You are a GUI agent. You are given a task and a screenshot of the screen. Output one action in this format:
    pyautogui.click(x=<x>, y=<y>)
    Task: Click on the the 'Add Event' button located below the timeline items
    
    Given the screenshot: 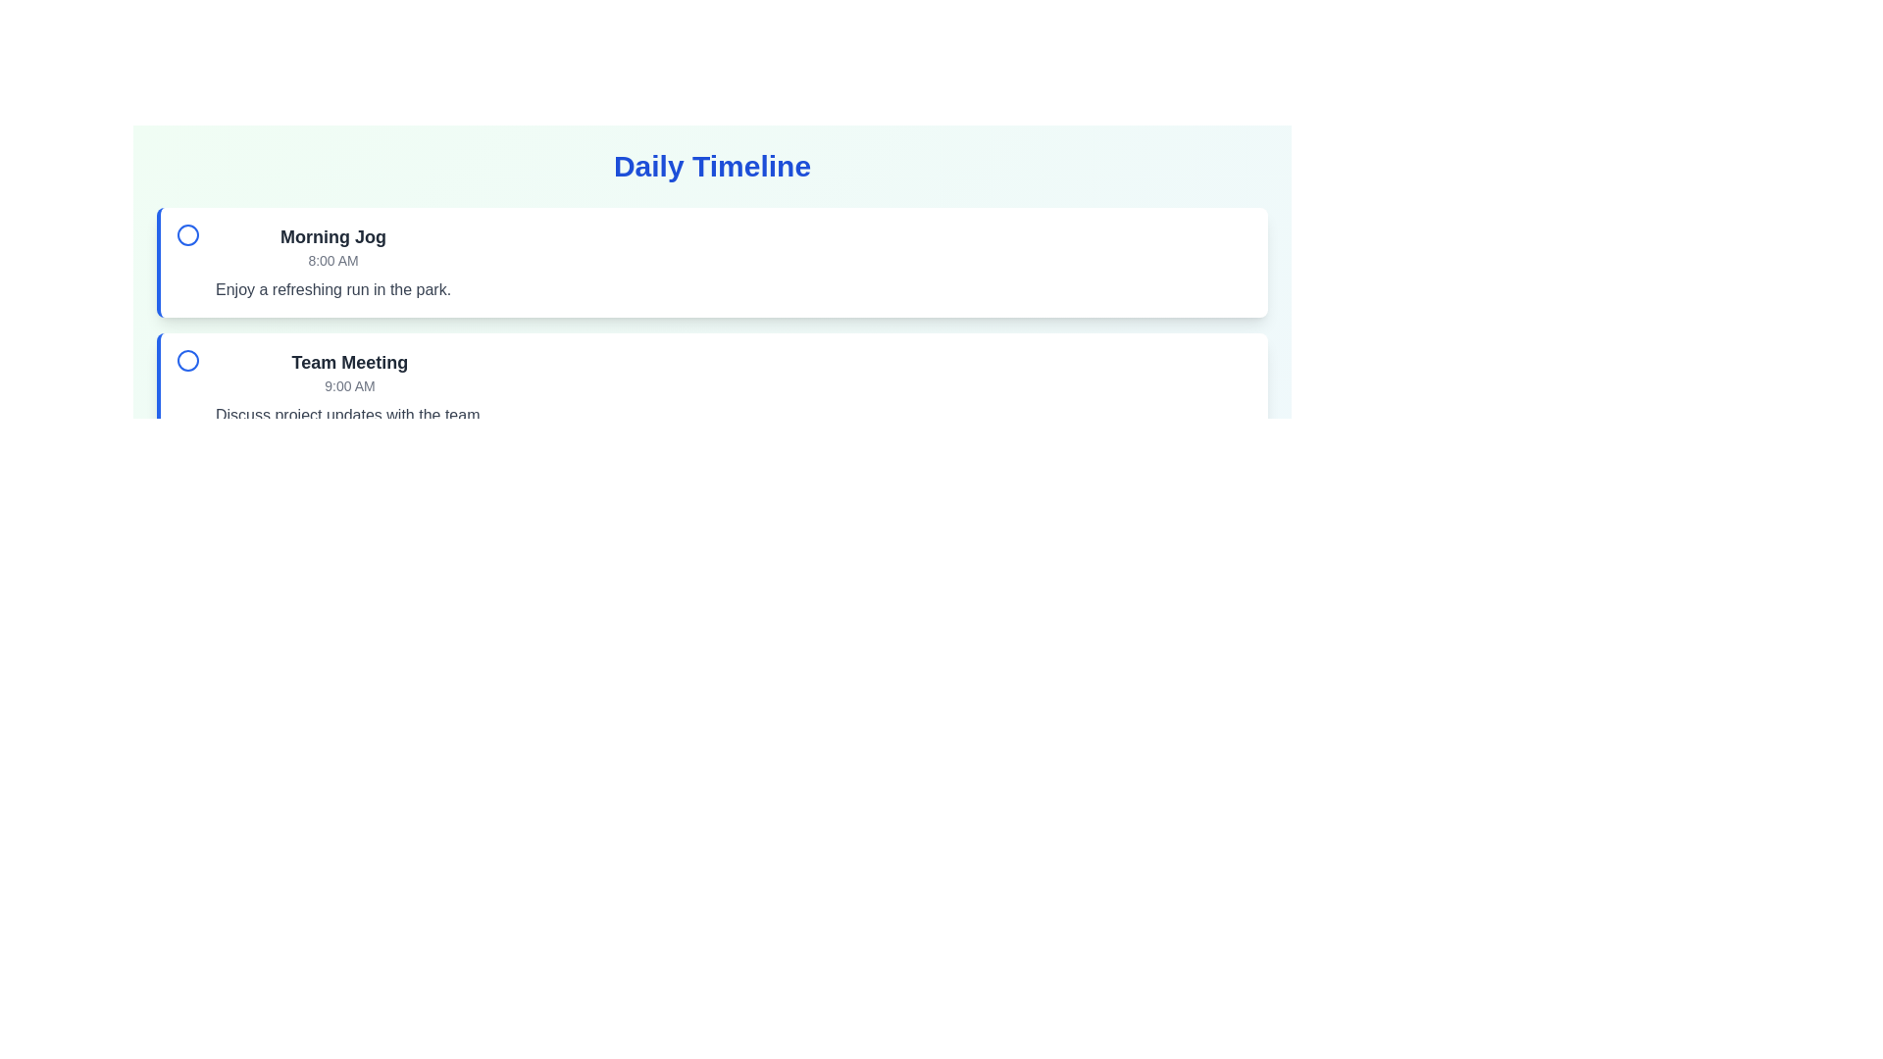 What is the action you would take?
    pyautogui.click(x=222, y=485)
    